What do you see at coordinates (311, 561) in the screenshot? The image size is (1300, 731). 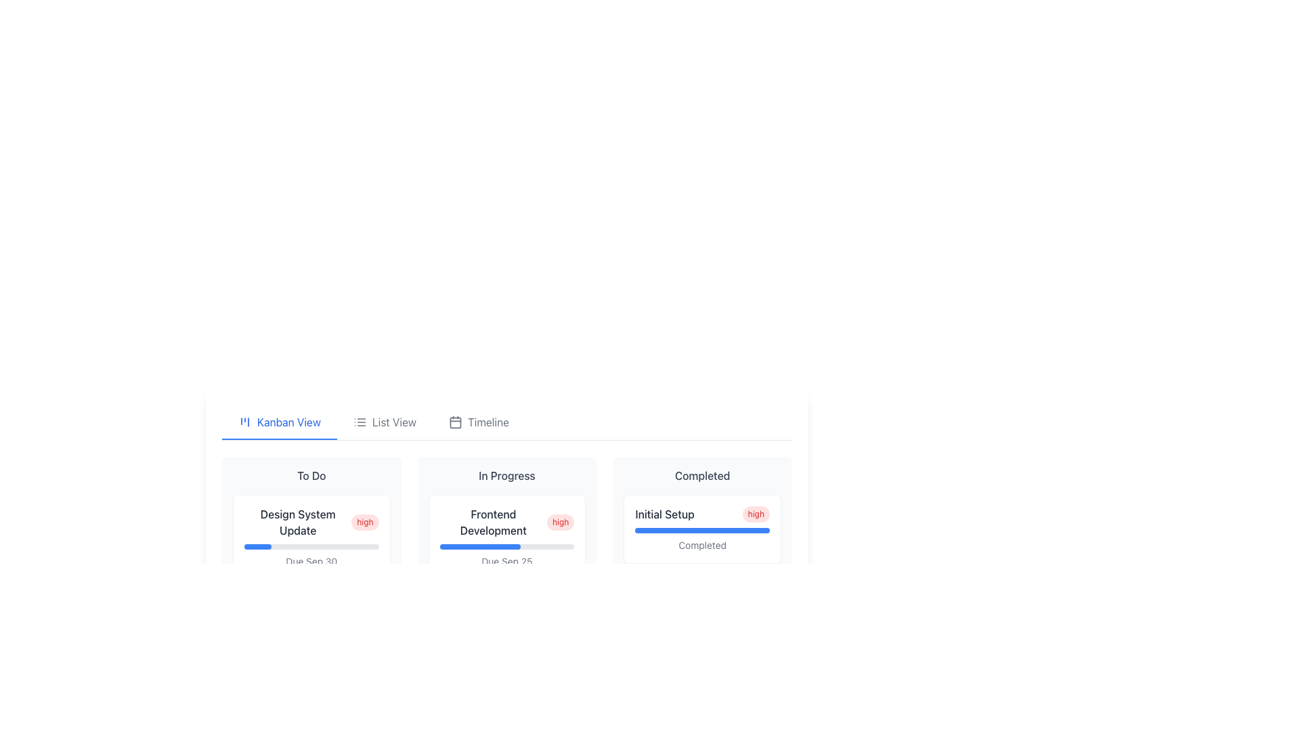 I see `the Text label displaying 'Due Sep 30' in gray color, located at the bottom section of a card-like component` at bounding box center [311, 561].